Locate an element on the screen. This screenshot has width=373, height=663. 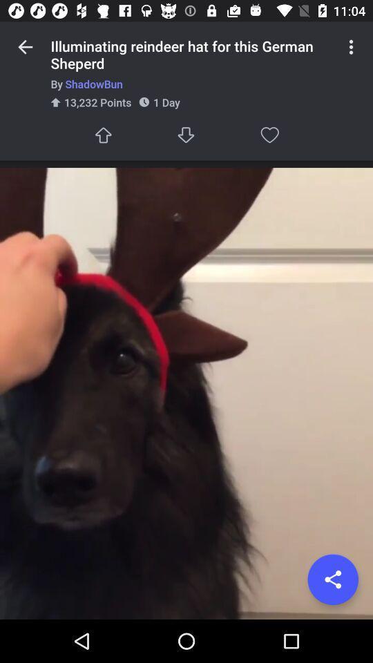
the icon to the left of 1 day icon is located at coordinates (102, 135).